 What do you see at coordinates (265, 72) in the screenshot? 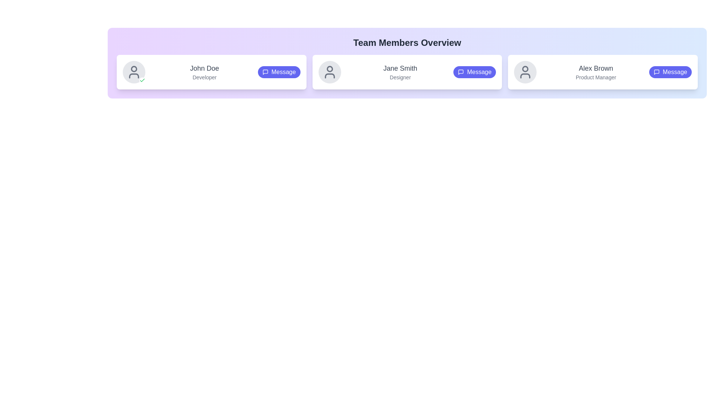
I see `the messaging icon resembling a speech bubble located on the rightmost portion of the 'Message' button in the first card about 'John Doe'` at bounding box center [265, 72].